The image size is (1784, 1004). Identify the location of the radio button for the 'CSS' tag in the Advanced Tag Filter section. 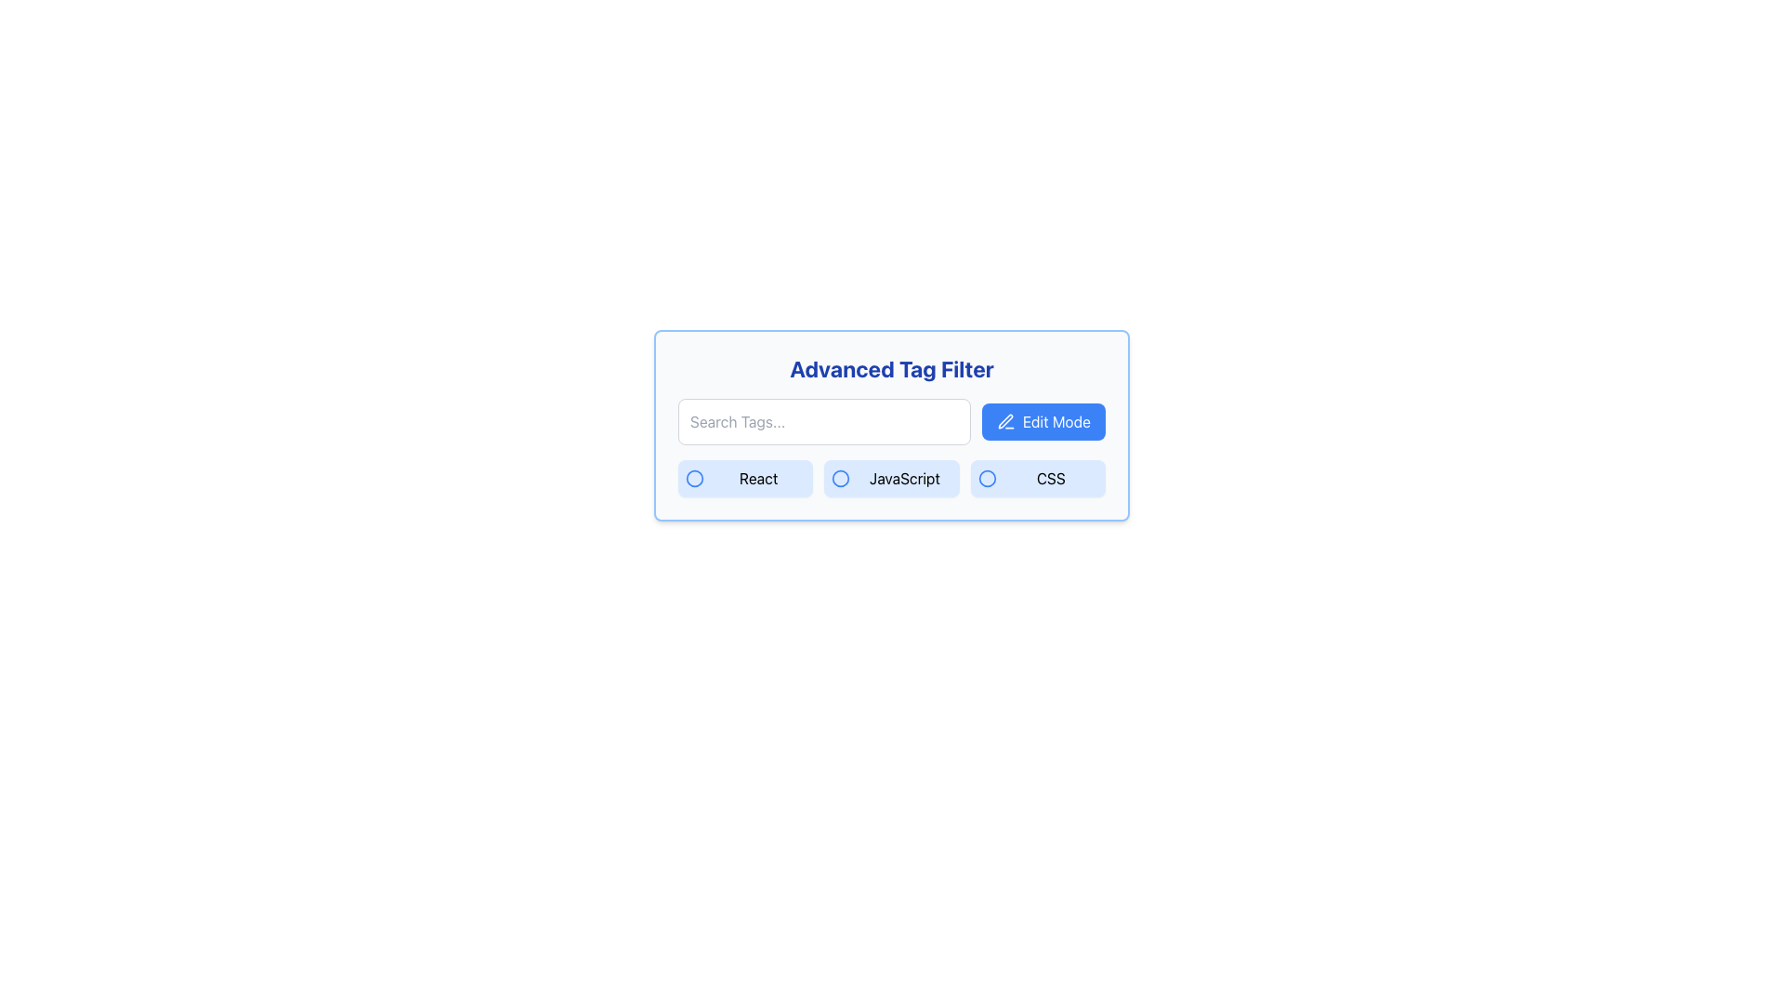
(1037, 478).